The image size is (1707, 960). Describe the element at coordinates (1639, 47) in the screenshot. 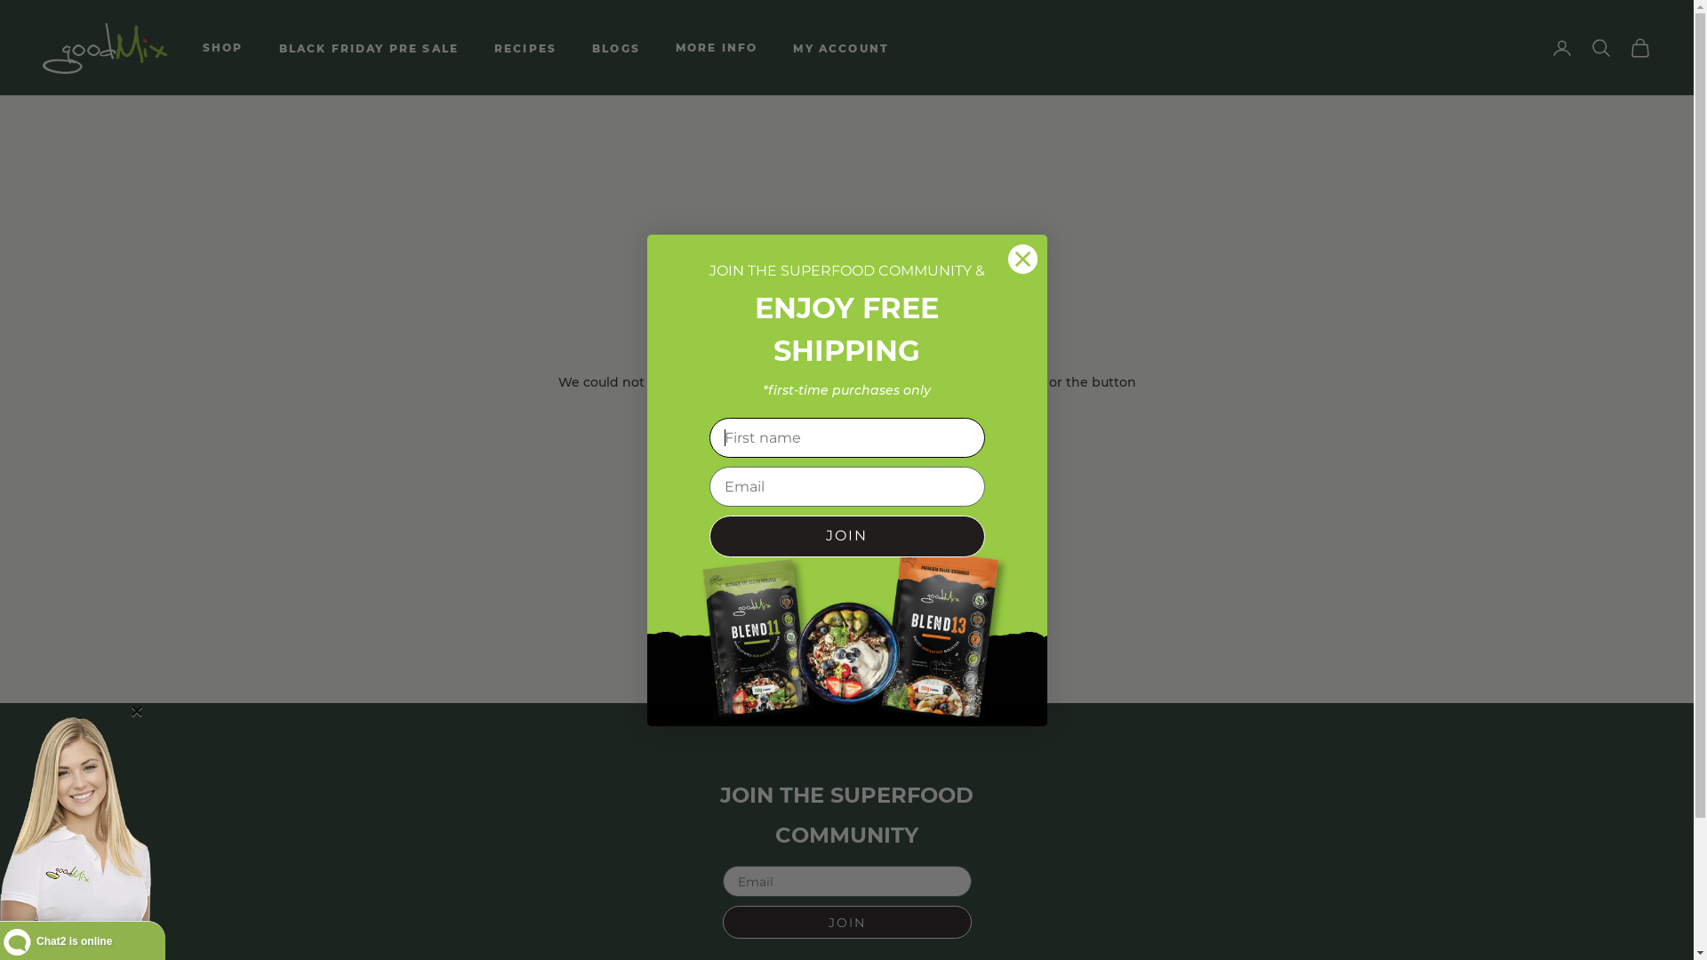

I see `'Open cart'` at that location.